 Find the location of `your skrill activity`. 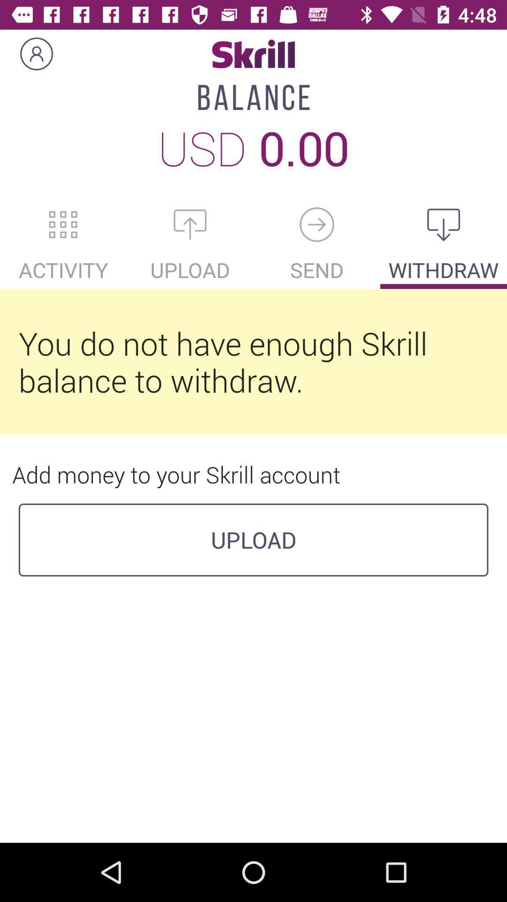

your skrill activity is located at coordinates (63, 224).